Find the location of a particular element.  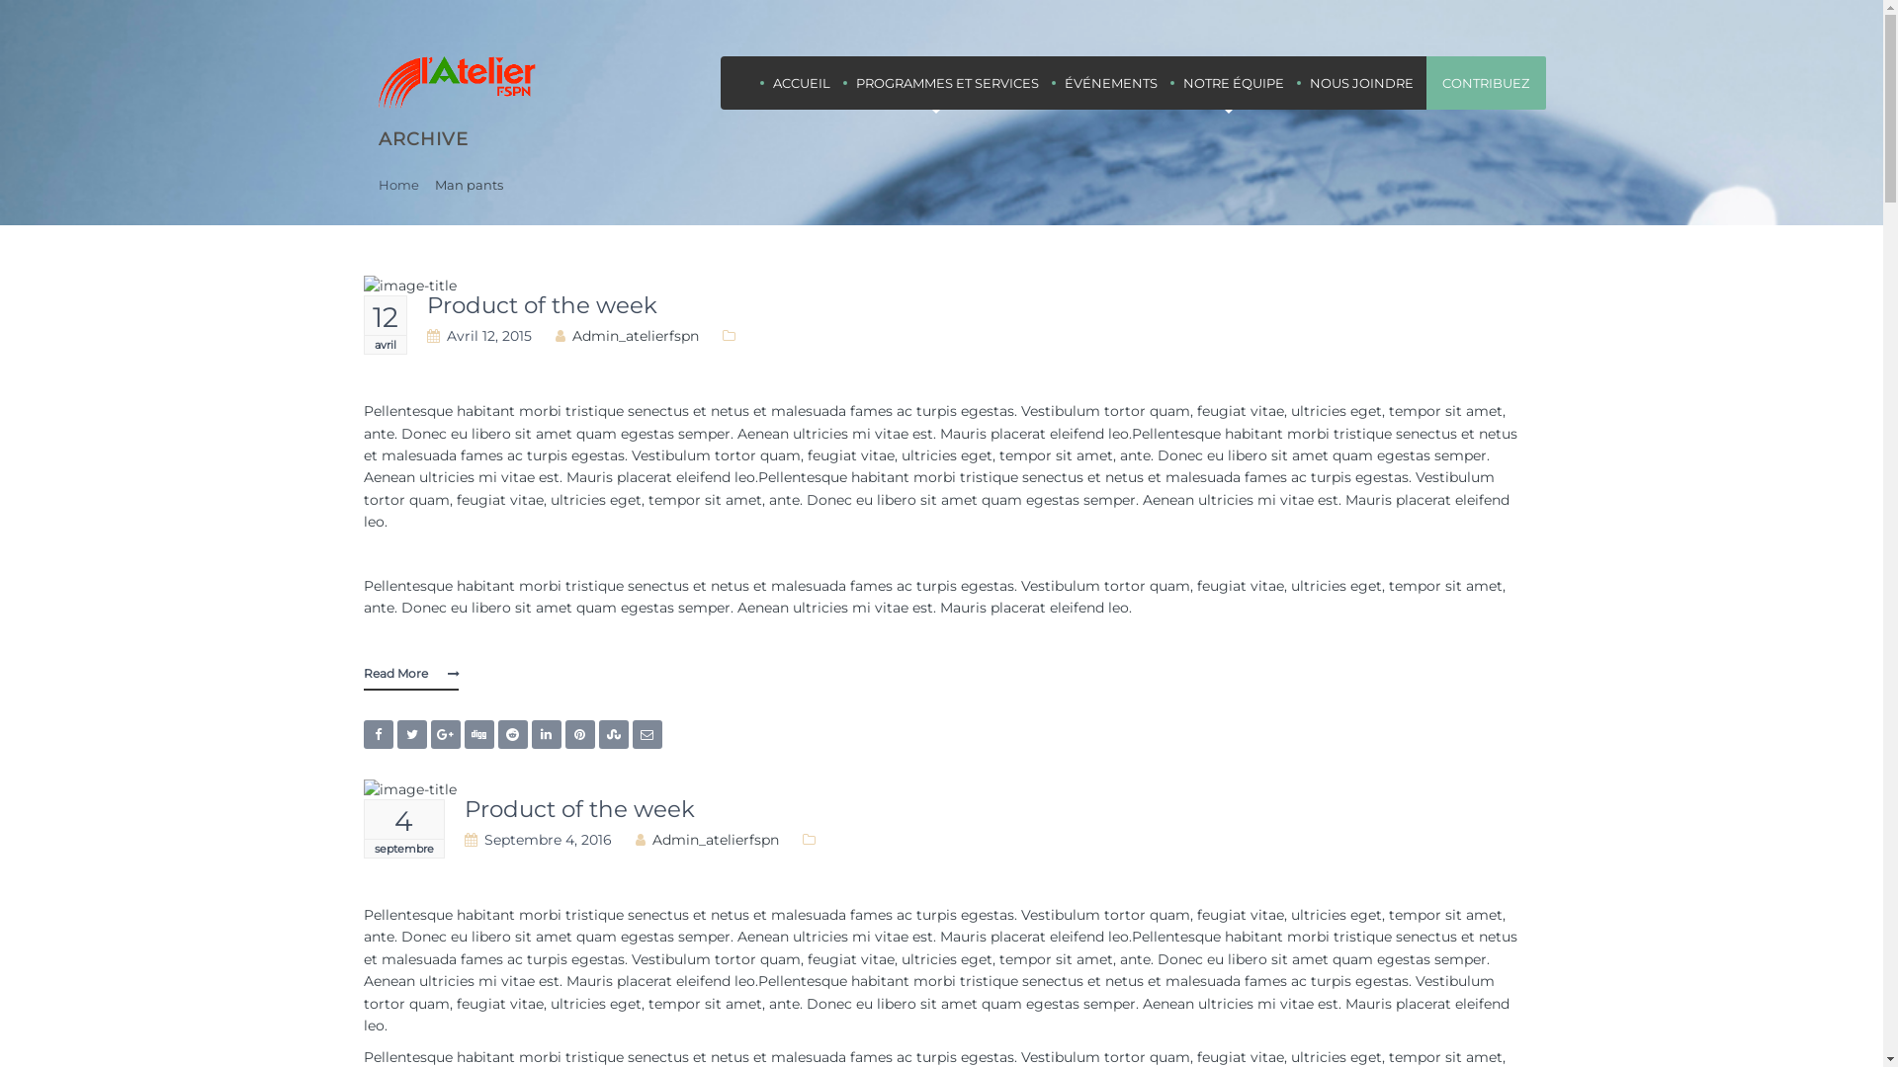

'Read More' is located at coordinates (410, 673).